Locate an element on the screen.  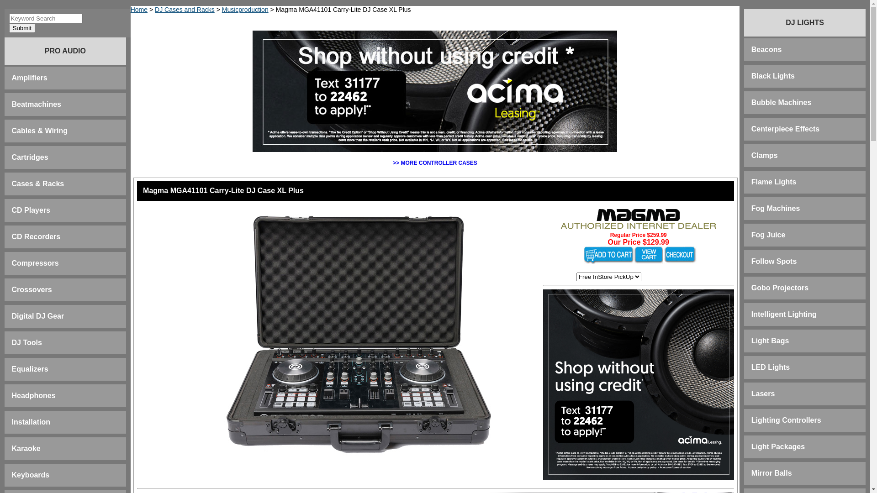
'>> MORE CONTROLLER CASES' is located at coordinates (434, 163).